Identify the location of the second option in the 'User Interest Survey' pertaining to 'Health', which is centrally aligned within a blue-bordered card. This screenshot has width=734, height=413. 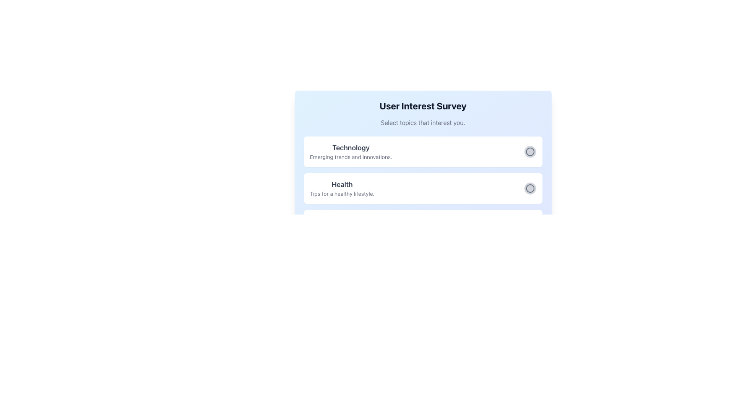
(422, 189).